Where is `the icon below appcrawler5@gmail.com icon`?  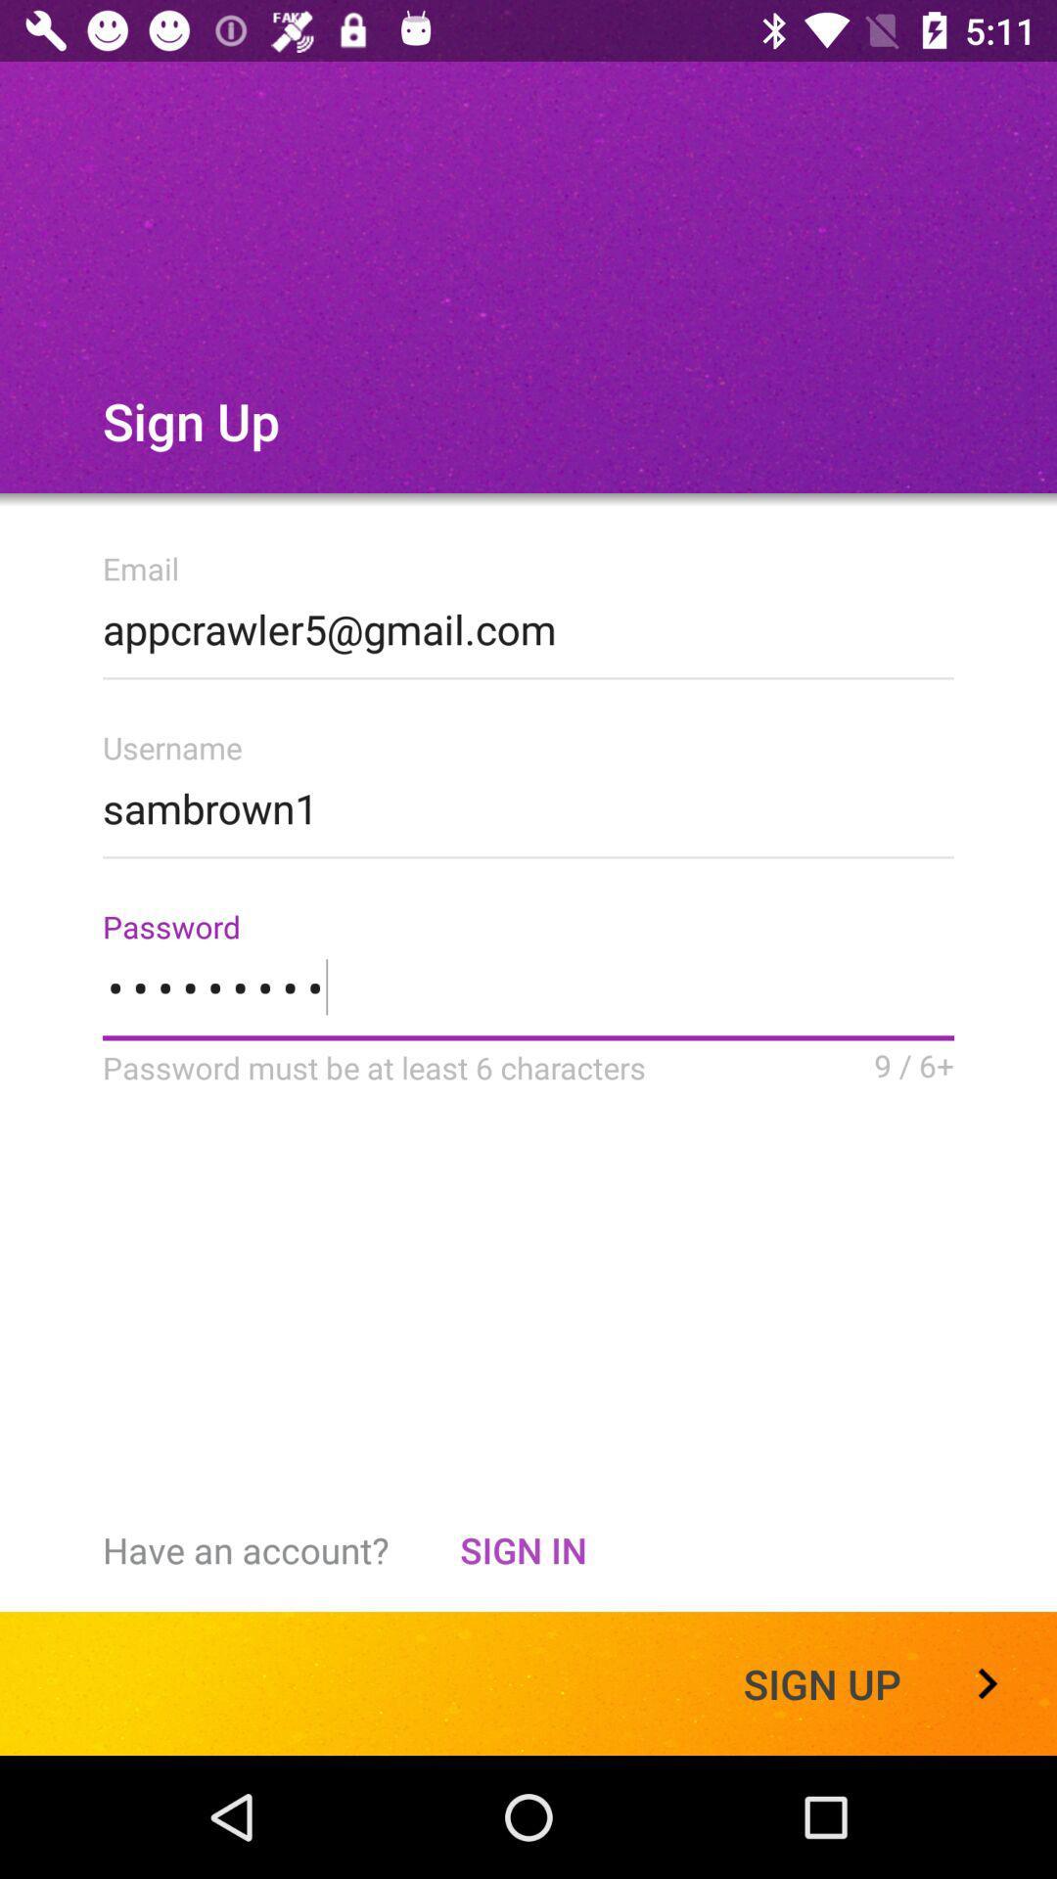 the icon below appcrawler5@gmail.com icon is located at coordinates (528, 802).